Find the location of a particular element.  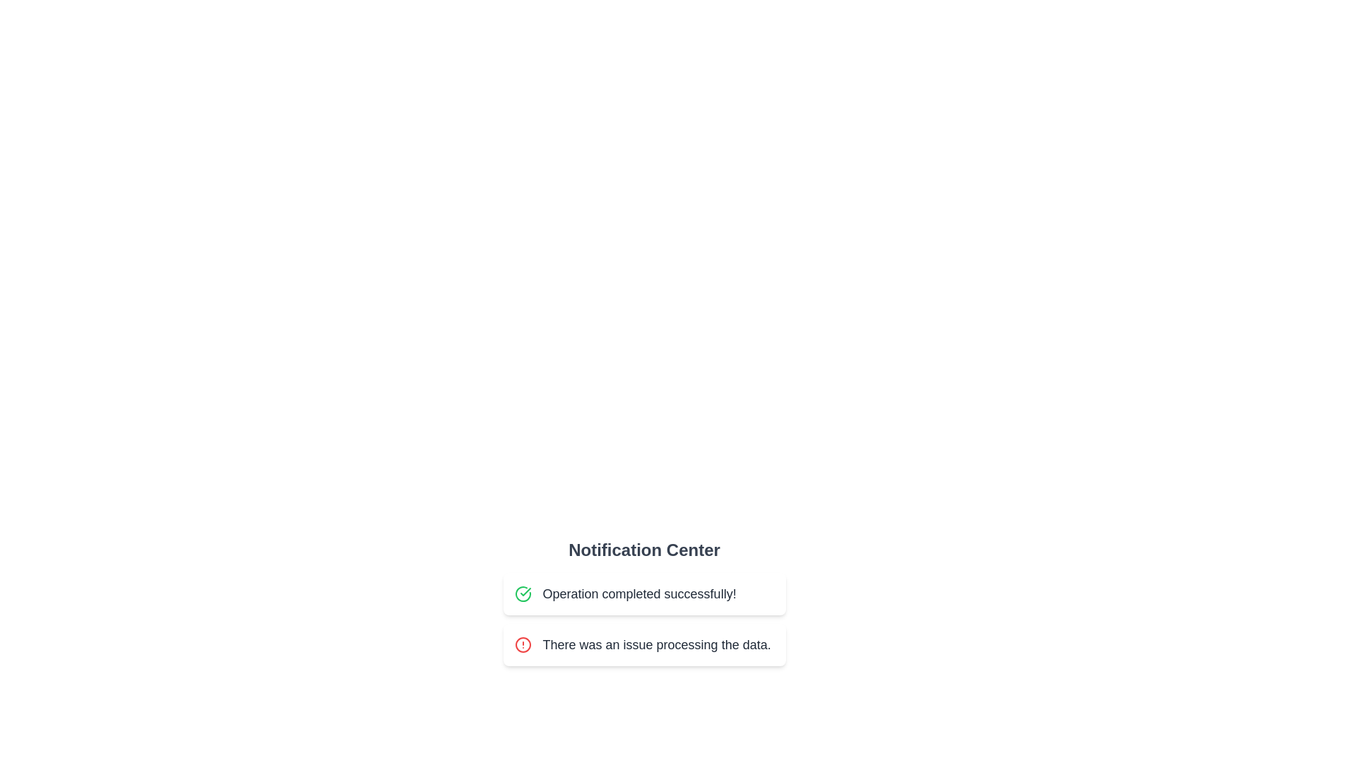

the text displaying 'There was an issue processing the data.' in the notification box is located at coordinates (656, 645).